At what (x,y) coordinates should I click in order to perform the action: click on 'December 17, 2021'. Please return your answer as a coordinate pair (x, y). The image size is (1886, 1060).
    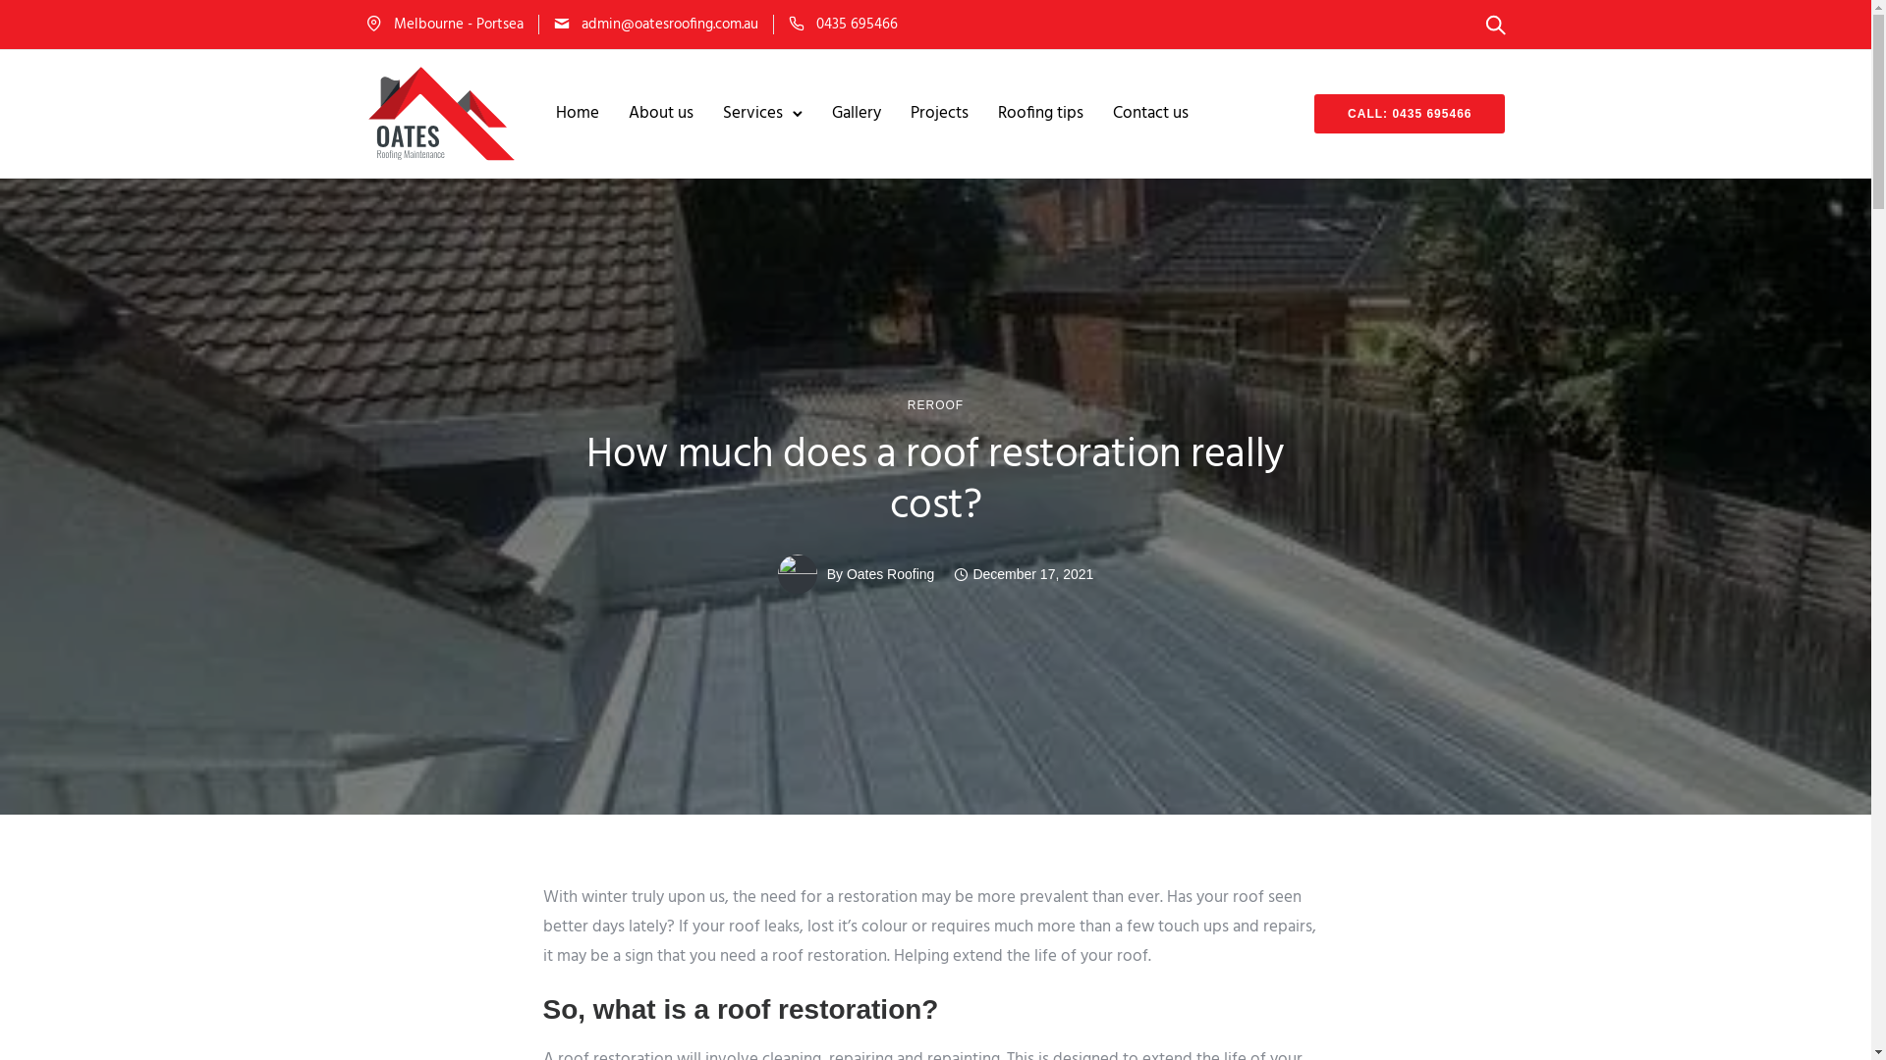
    Looking at the image, I should click on (1022, 574).